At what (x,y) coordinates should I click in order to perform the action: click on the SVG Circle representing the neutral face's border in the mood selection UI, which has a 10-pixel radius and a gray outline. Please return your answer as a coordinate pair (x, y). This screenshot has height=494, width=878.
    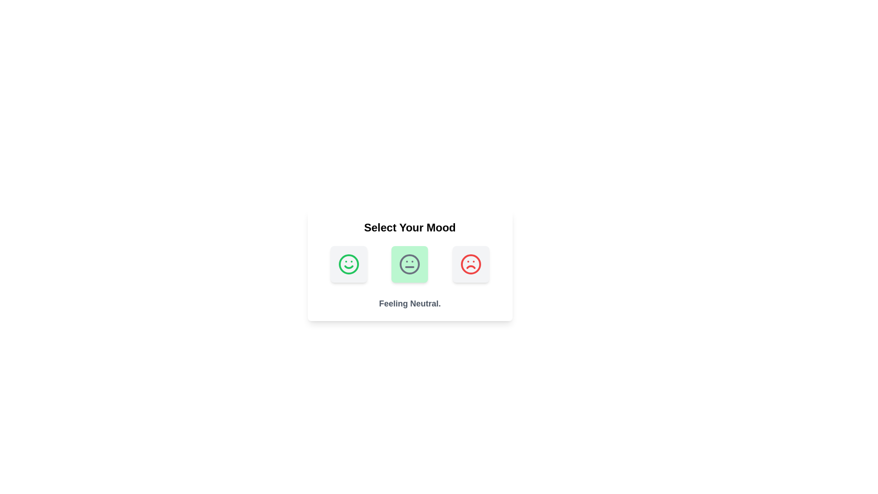
    Looking at the image, I should click on (409, 264).